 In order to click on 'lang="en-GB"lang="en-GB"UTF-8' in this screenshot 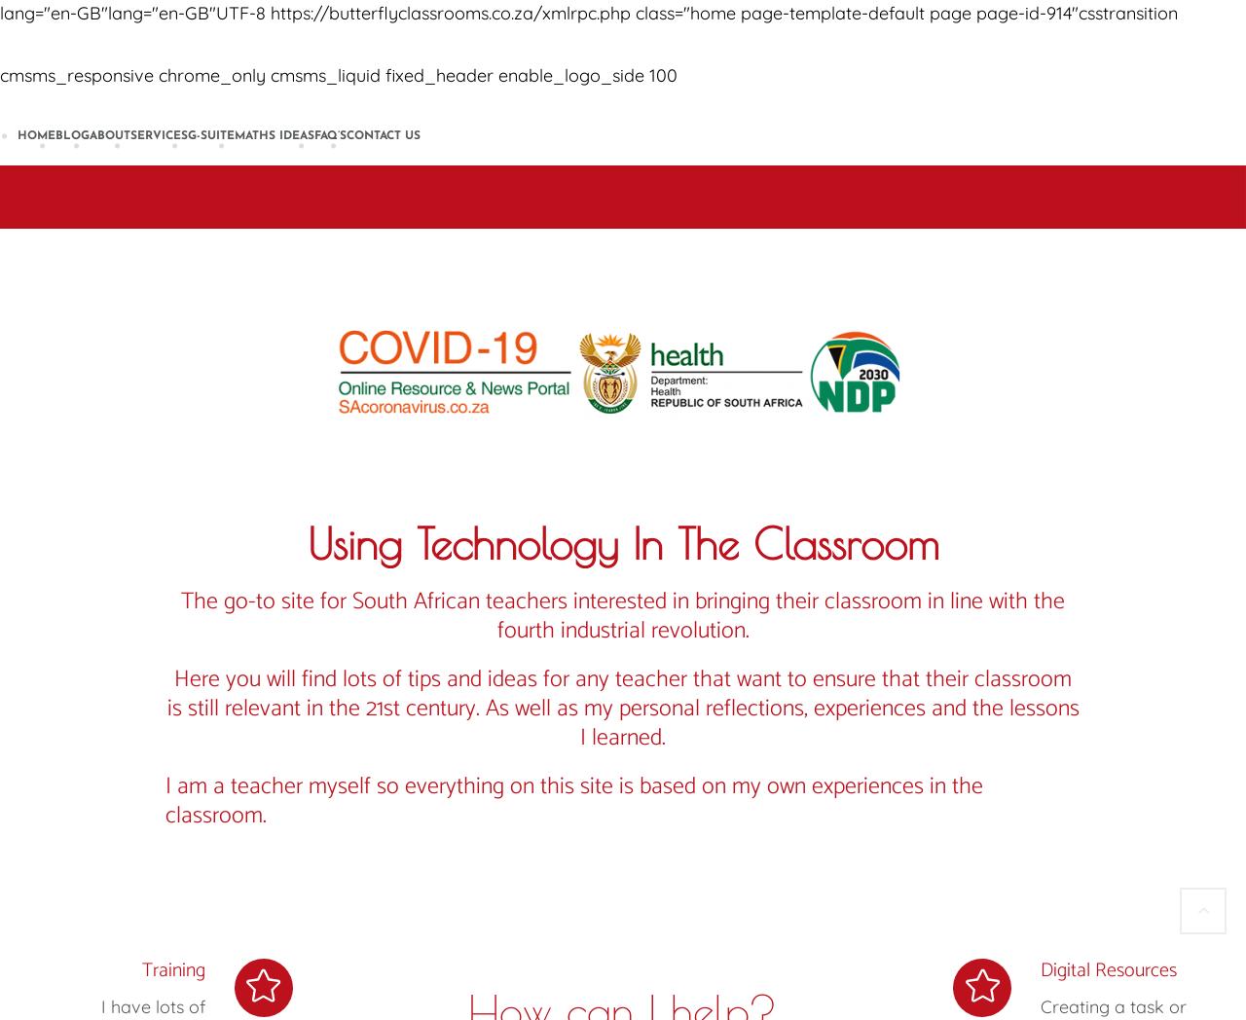, I will do `click(131, 12)`.